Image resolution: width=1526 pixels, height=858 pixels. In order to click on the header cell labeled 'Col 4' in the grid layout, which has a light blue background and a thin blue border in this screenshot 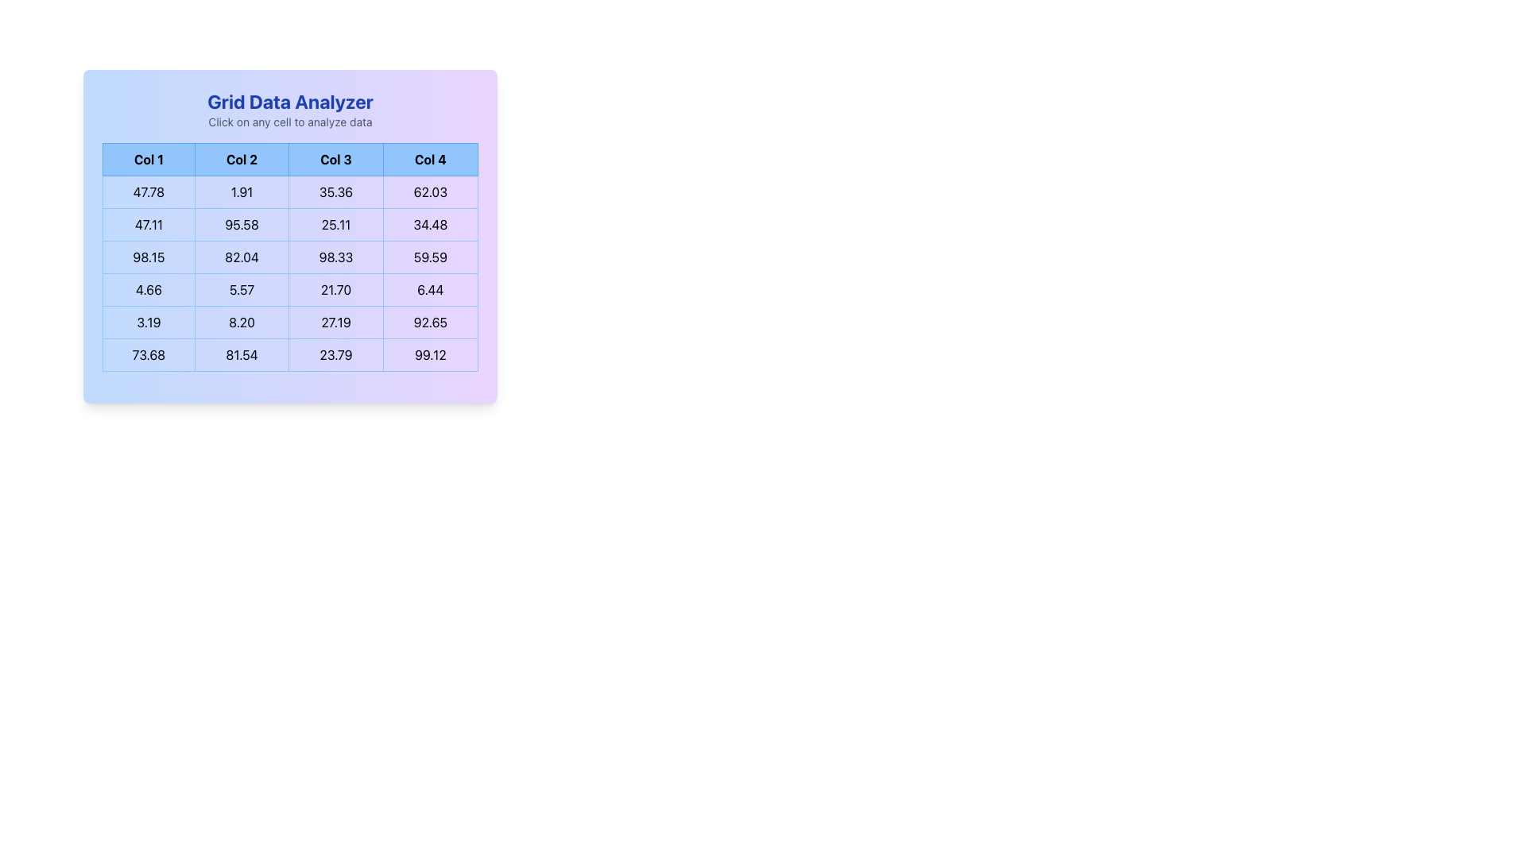, I will do `click(430, 159)`.